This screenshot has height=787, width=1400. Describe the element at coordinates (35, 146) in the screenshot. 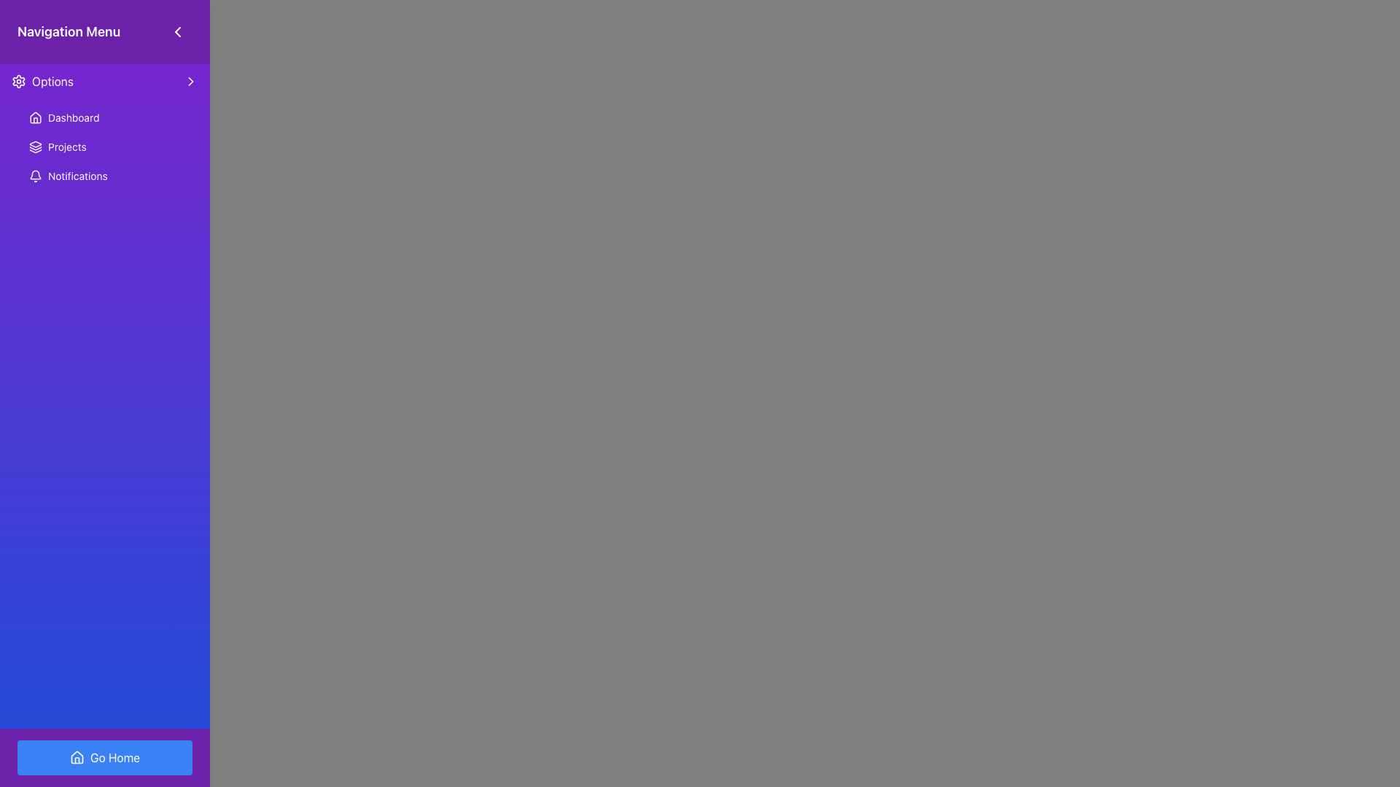

I see `the 'Projects' icon in the navigation menu` at that location.